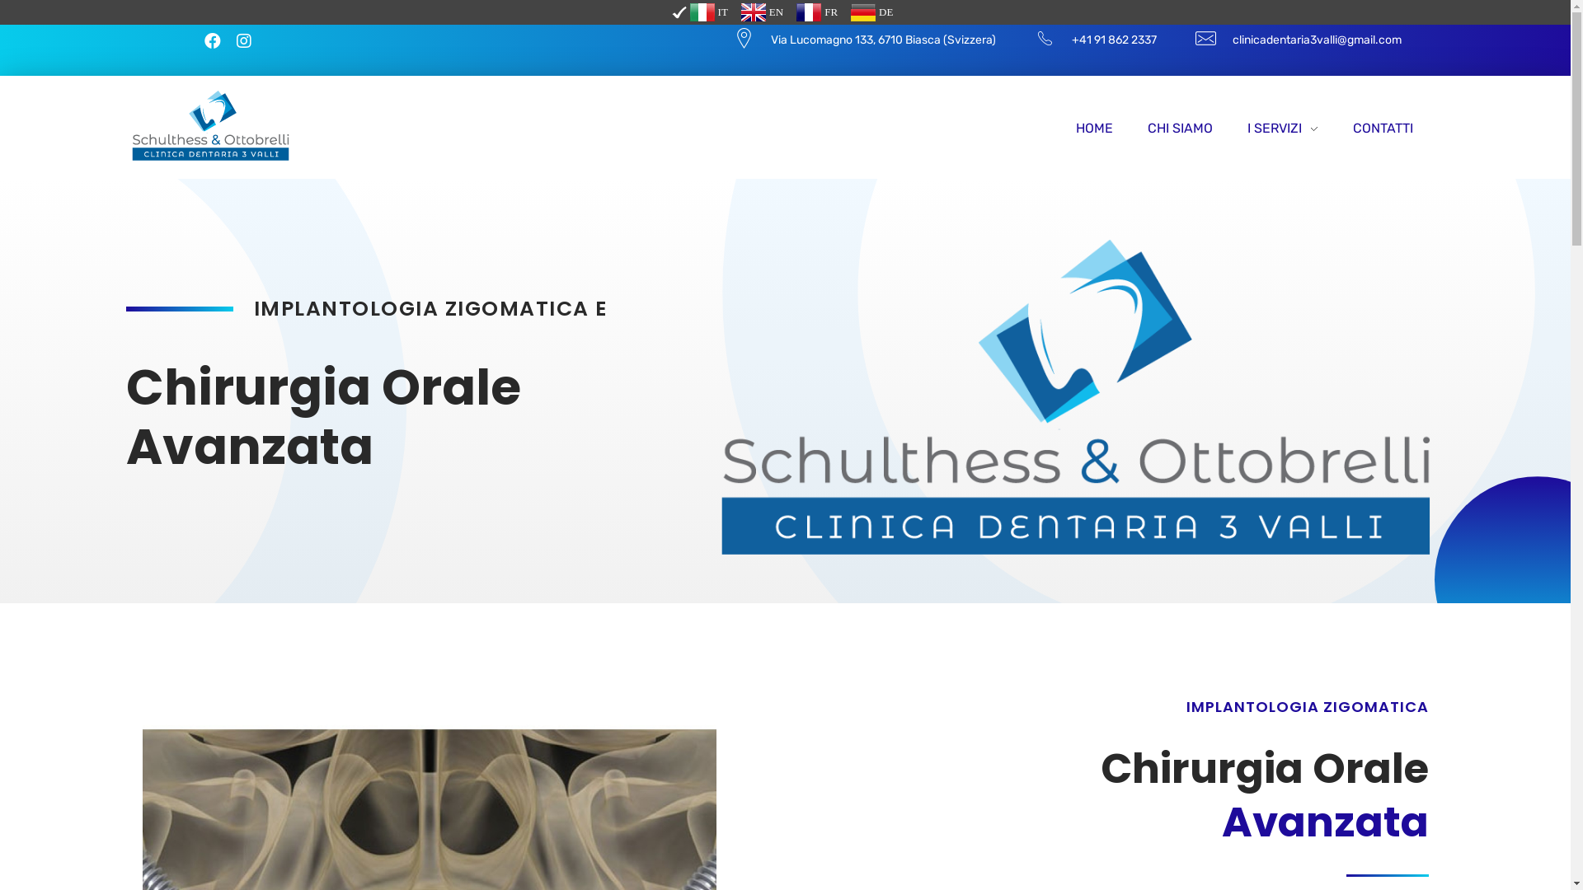  What do you see at coordinates (1281, 127) in the screenshot?
I see `'I SERVIZI'` at bounding box center [1281, 127].